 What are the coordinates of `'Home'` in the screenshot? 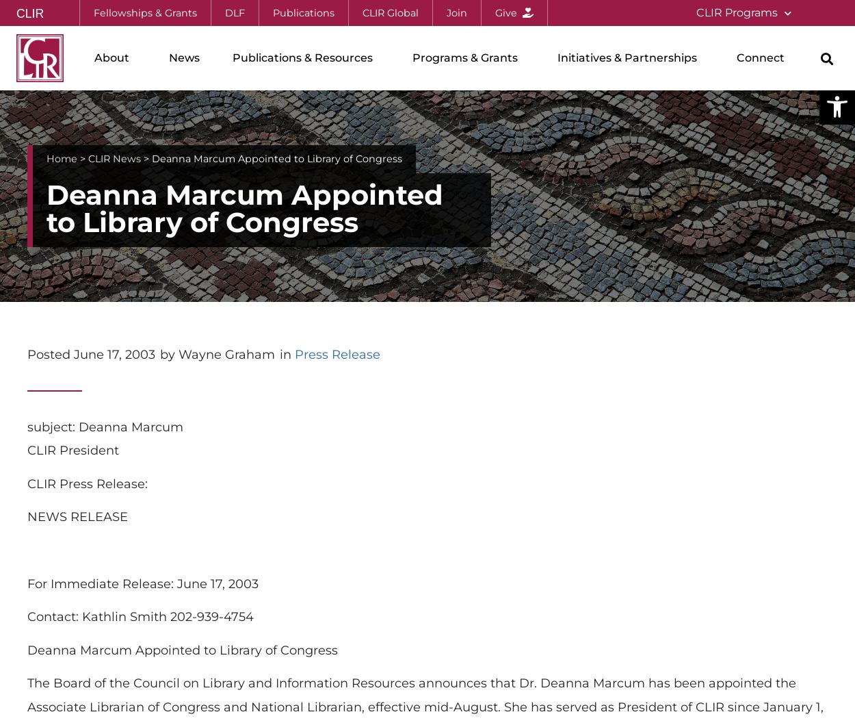 It's located at (61, 157).